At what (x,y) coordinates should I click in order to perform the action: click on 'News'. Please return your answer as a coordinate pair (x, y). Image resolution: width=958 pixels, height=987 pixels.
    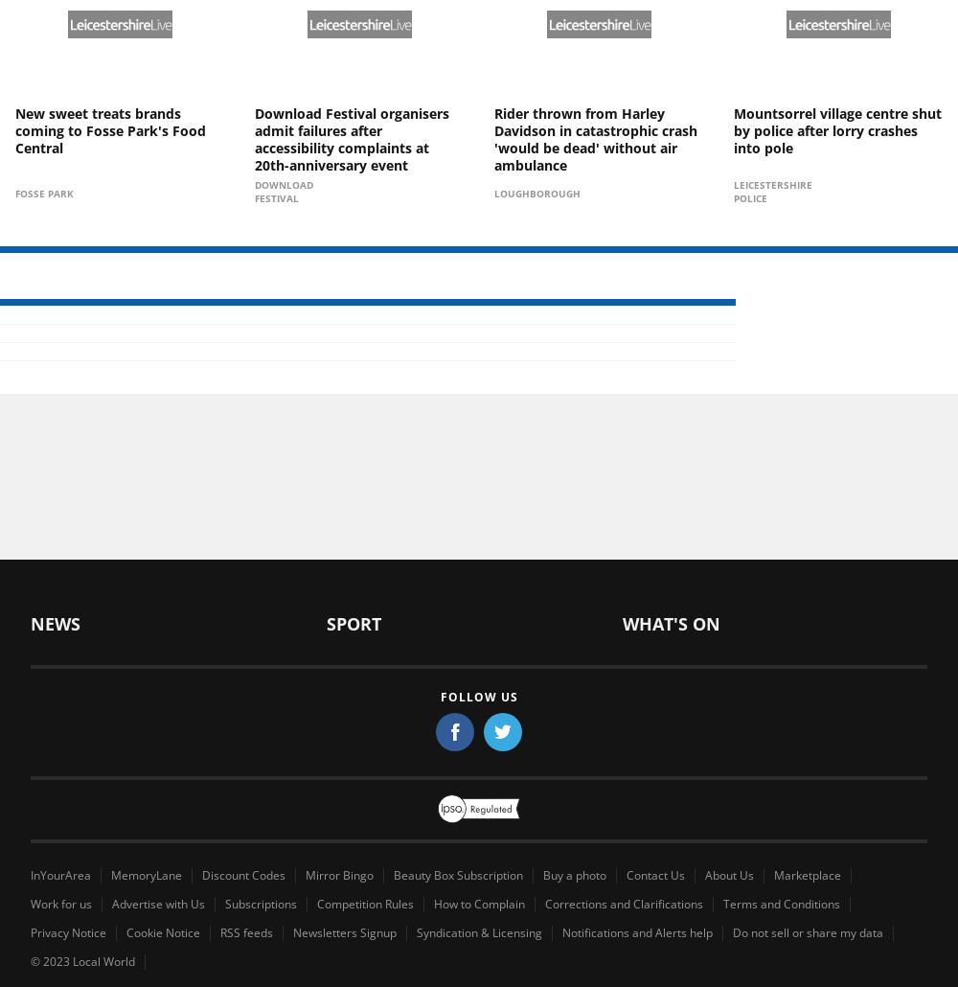
    Looking at the image, I should click on (56, 622).